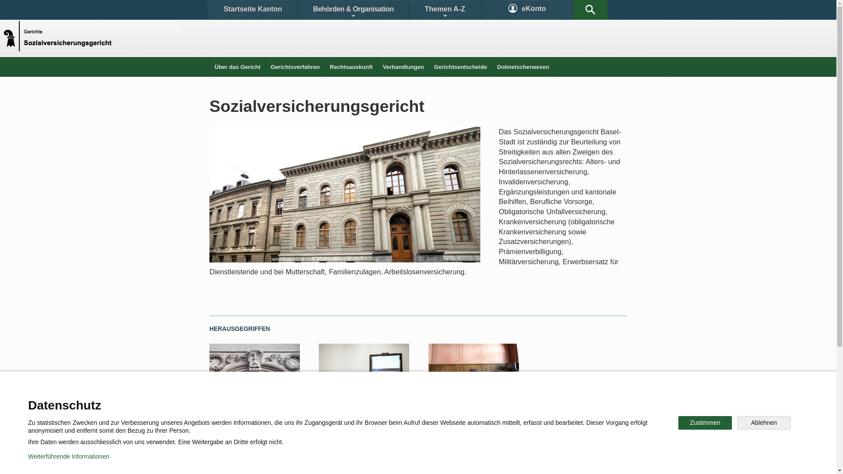  I want to click on 'Gerichtsverfahren', so click(295, 66).